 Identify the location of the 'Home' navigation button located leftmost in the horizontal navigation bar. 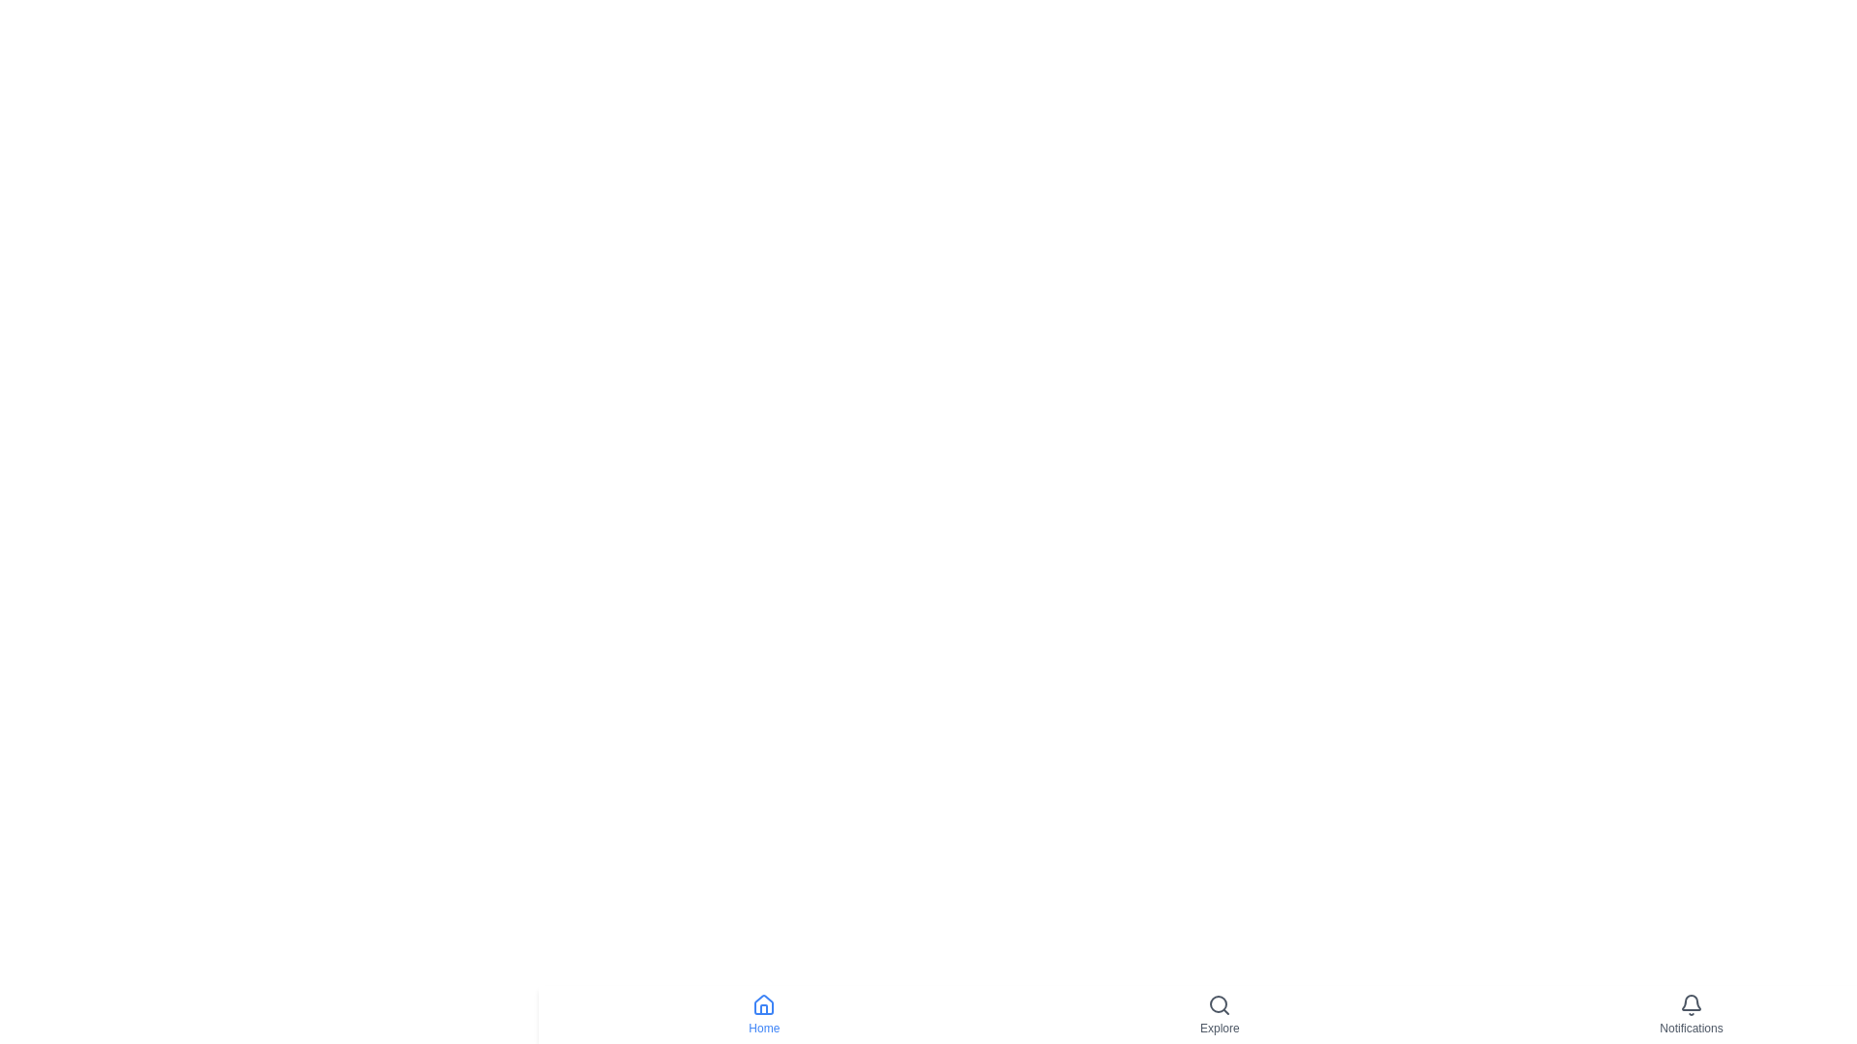
(763, 1013).